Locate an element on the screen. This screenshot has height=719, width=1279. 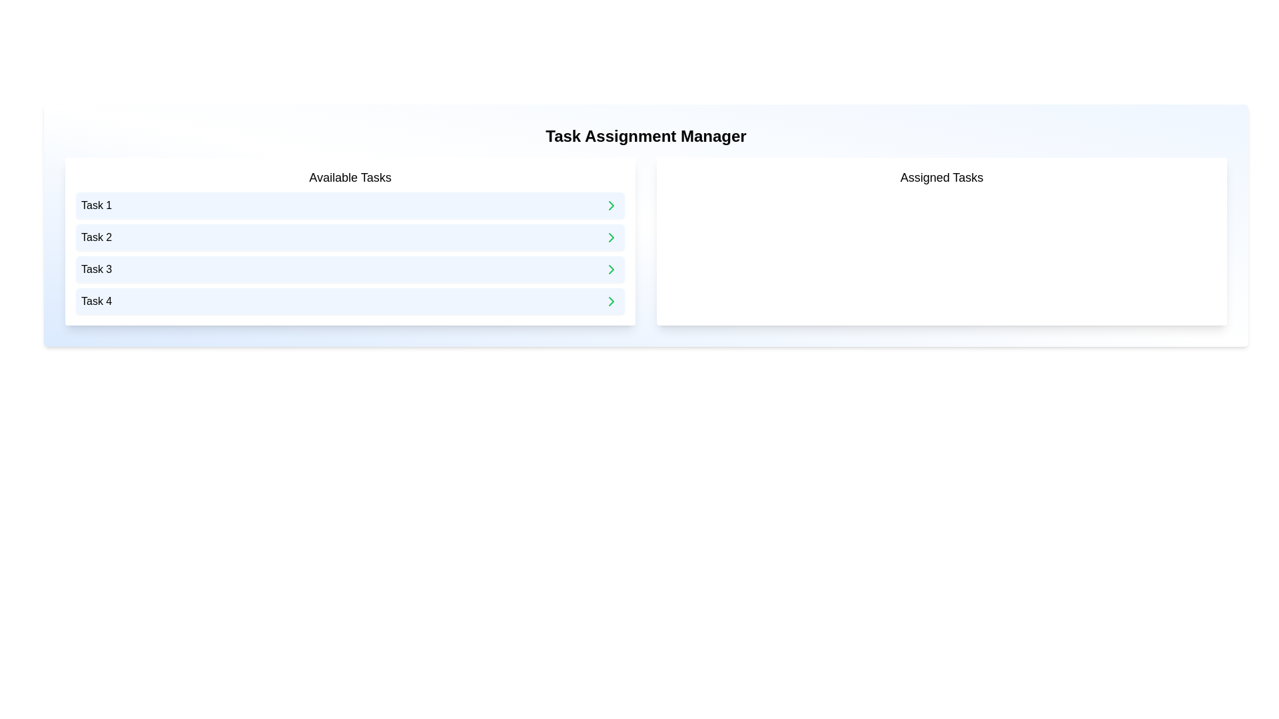
the task Task 3 to highlight it is located at coordinates (350, 270).